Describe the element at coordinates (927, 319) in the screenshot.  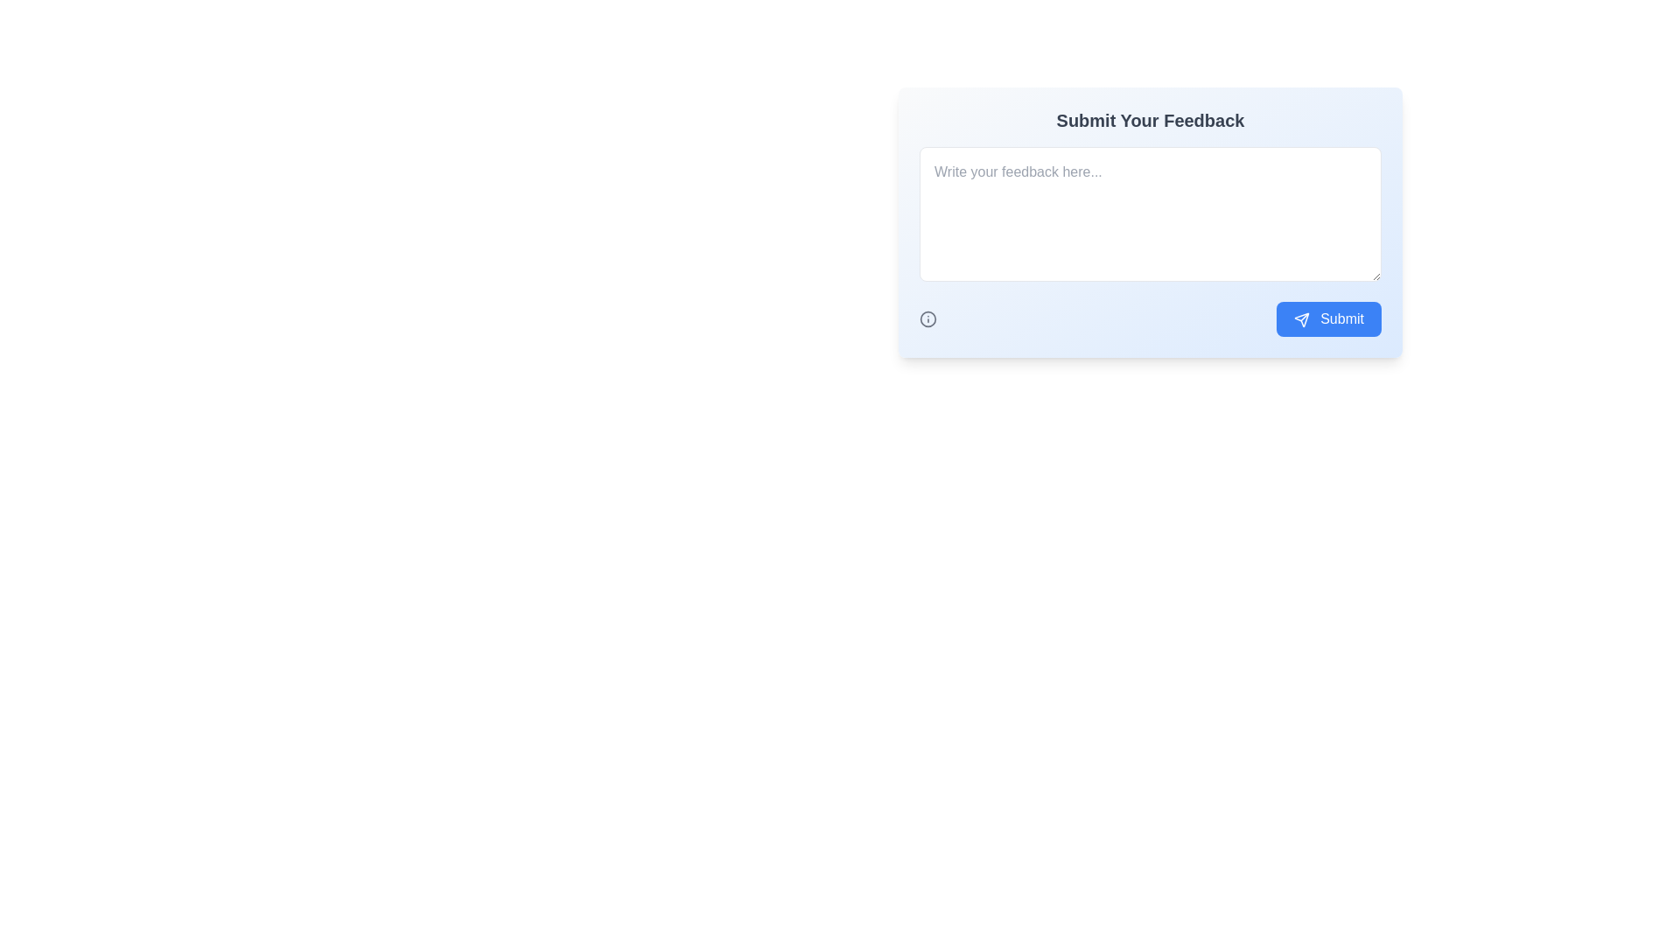
I see `the SVG circle that represents an information icon located at the bottom left corner of the feedback submission card` at that location.